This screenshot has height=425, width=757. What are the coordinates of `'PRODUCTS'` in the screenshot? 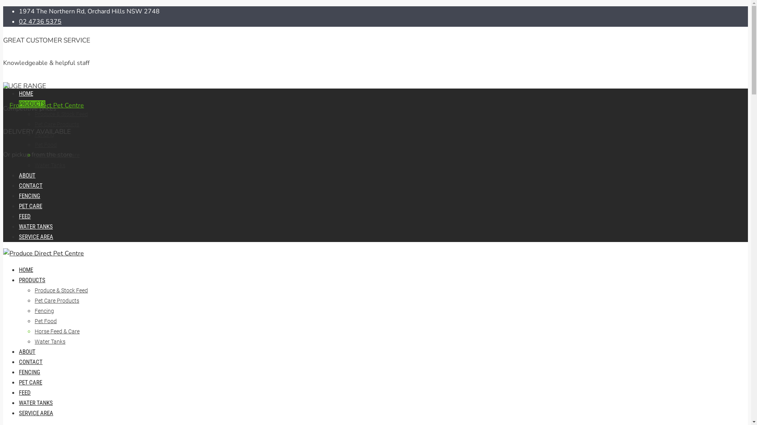 It's located at (32, 280).